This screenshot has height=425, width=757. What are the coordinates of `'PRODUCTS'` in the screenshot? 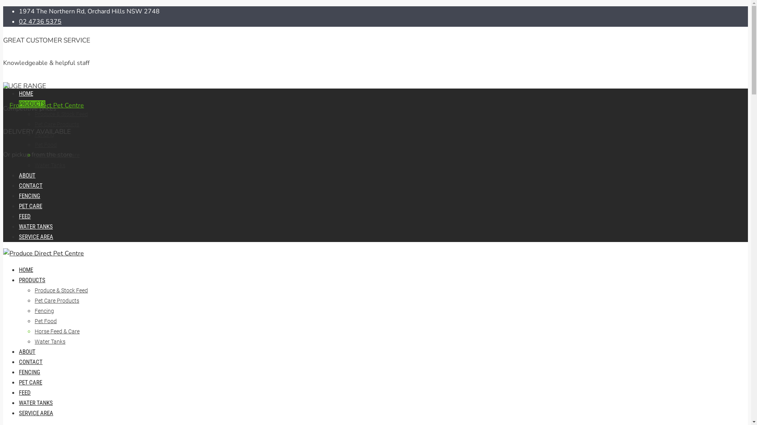 It's located at (32, 280).